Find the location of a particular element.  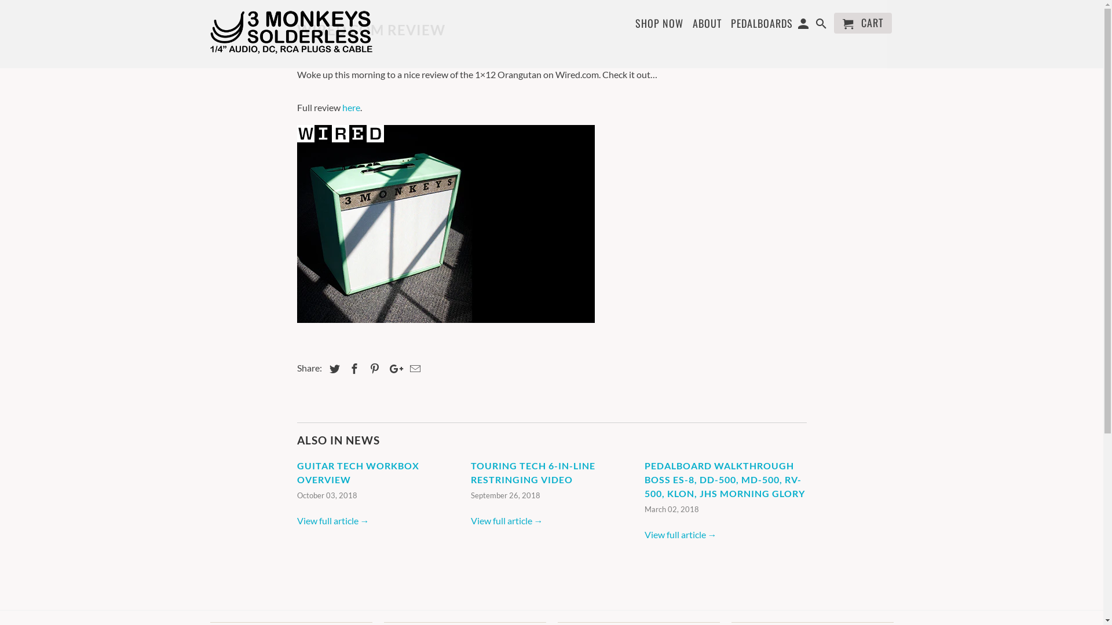

'ABOUT' is located at coordinates (706, 22).